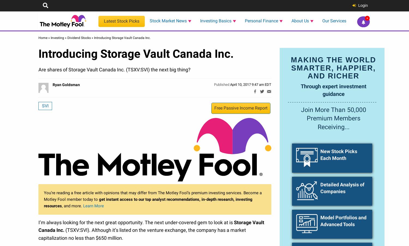 The width and height of the screenshot is (409, 246). What do you see at coordinates (344, 227) in the screenshot?
I see `'Earn Passive Income With 3 Canadian Dividend Stocks Today'` at bounding box center [344, 227].